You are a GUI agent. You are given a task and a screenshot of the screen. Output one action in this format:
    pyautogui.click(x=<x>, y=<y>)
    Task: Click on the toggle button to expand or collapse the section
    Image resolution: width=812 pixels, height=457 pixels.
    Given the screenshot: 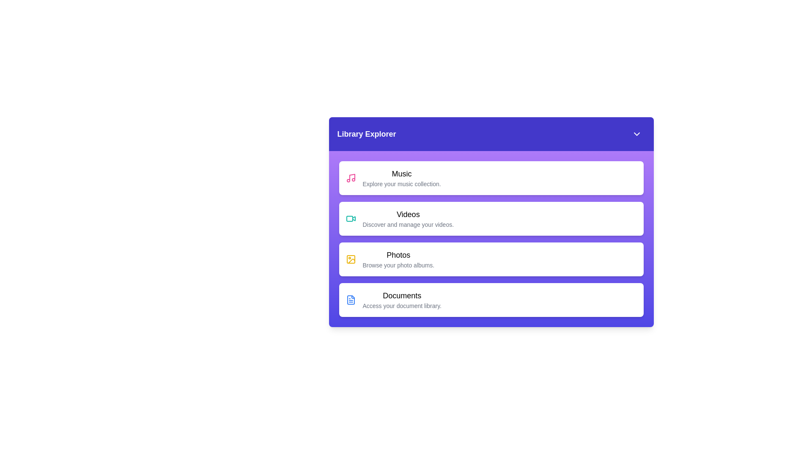 What is the action you would take?
    pyautogui.click(x=636, y=133)
    